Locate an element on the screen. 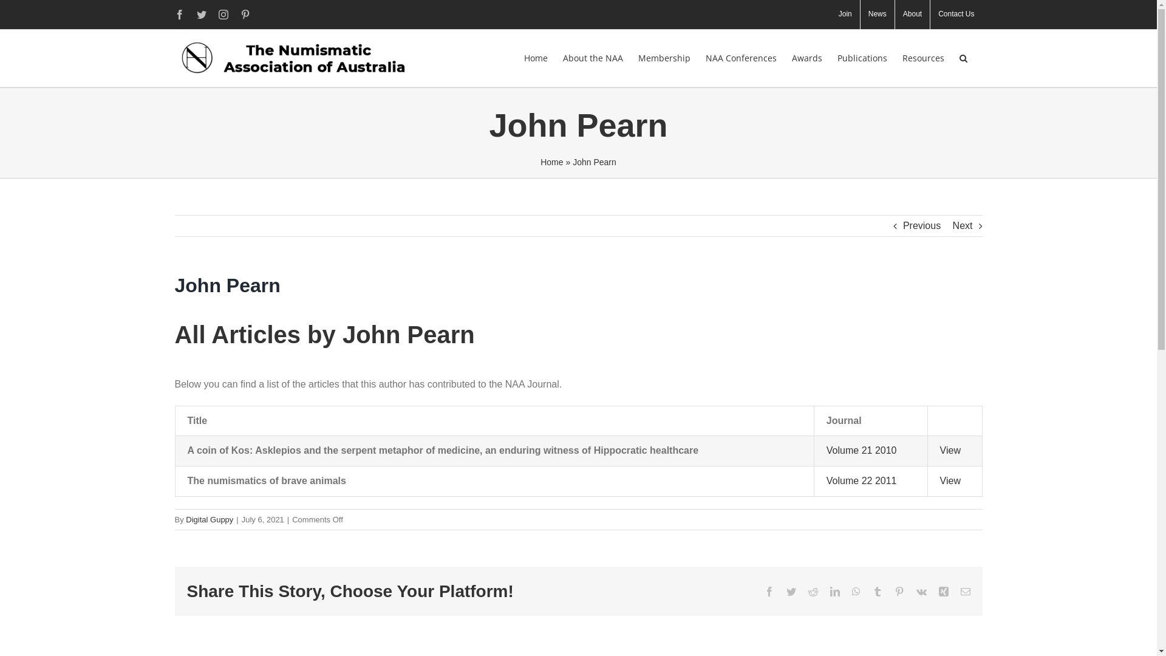 Image resolution: width=1166 pixels, height=656 pixels. 'About' is located at coordinates (912, 14).